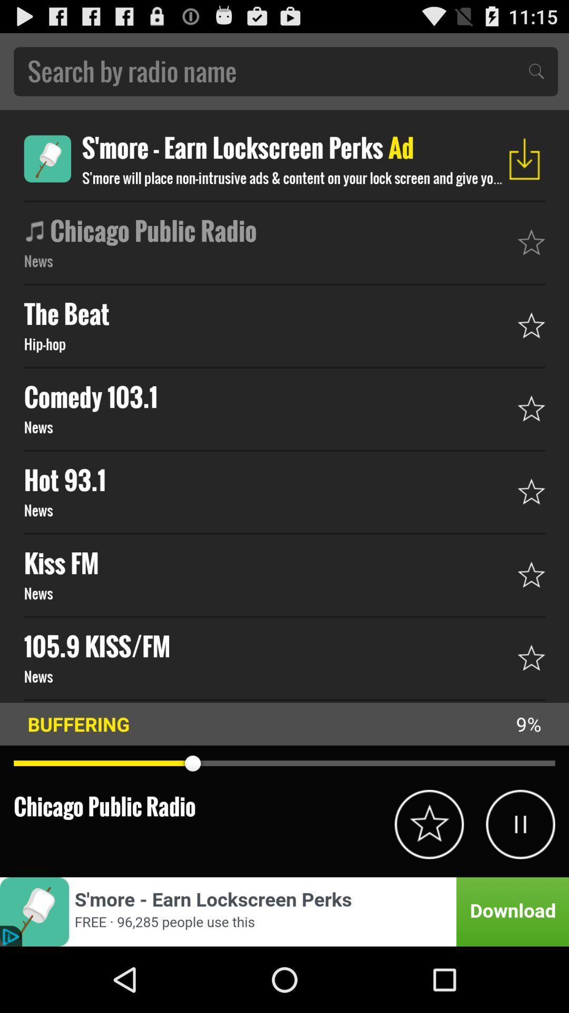  What do you see at coordinates (286, 71) in the screenshot?
I see `search` at bounding box center [286, 71].